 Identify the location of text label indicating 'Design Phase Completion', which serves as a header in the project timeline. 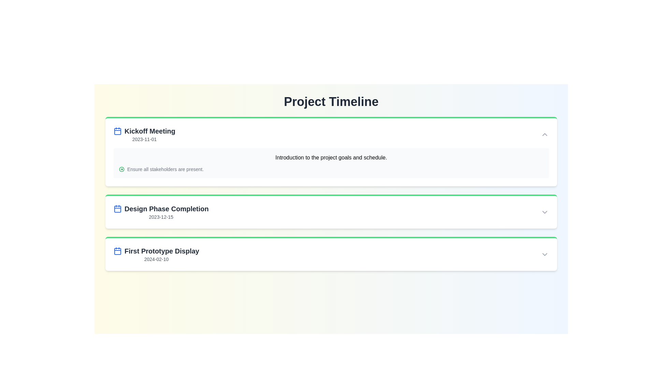
(161, 209).